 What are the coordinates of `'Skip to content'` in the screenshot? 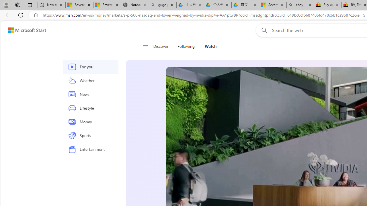 It's located at (25, 30).